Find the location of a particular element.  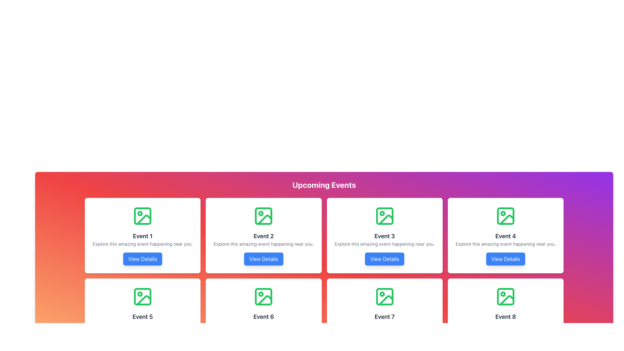

small circular Decorative SVG graphic located at the top-center area of the third event card in the row is located at coordinates (382, 213).